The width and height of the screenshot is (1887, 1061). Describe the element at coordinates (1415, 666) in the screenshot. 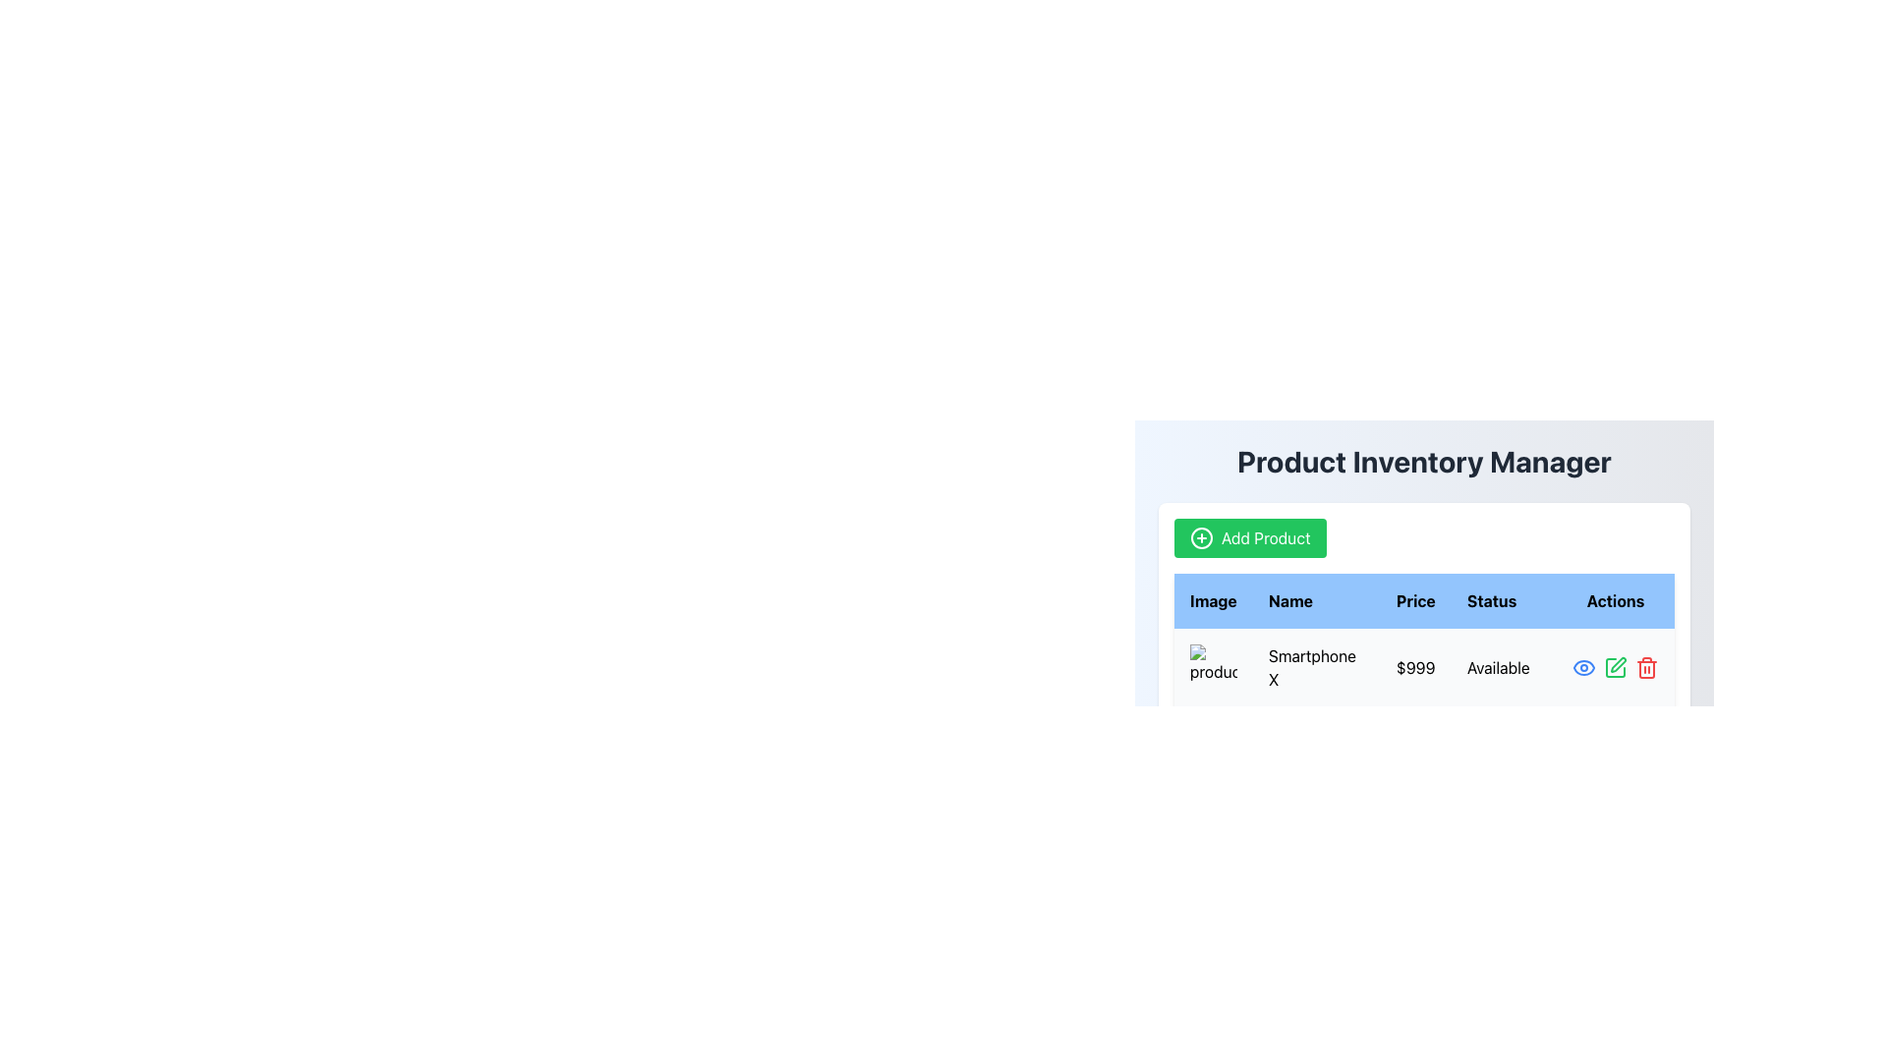

I see `the price text element for the 'Smartphone X' product, which displays the product's price in the price column of the product table` at that location.